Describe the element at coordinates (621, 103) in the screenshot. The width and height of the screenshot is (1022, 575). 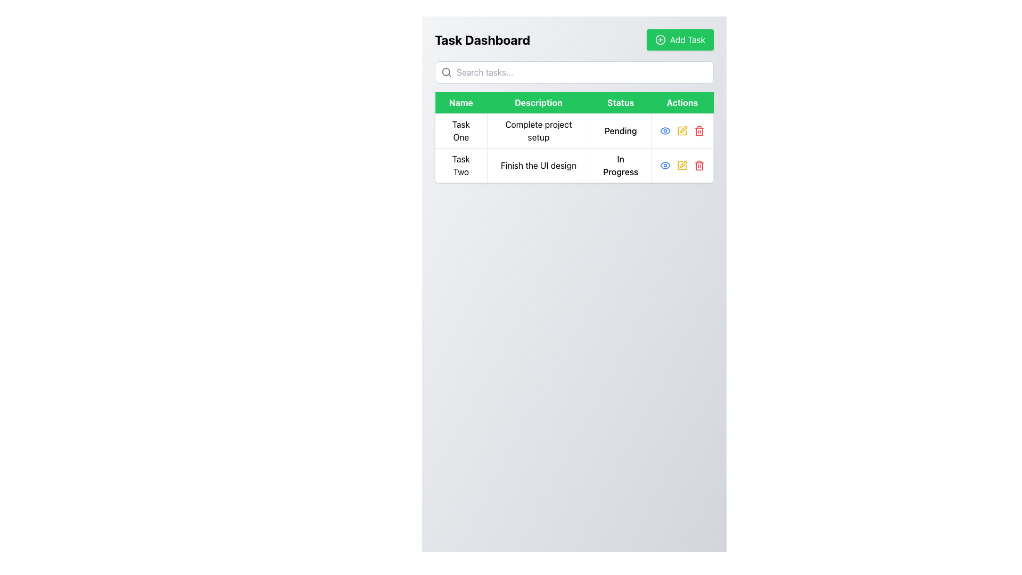
I see `the Table Header Cell for 'Status' in the header row of the table, which is located between 'Description' and 'Actions'` at that location.